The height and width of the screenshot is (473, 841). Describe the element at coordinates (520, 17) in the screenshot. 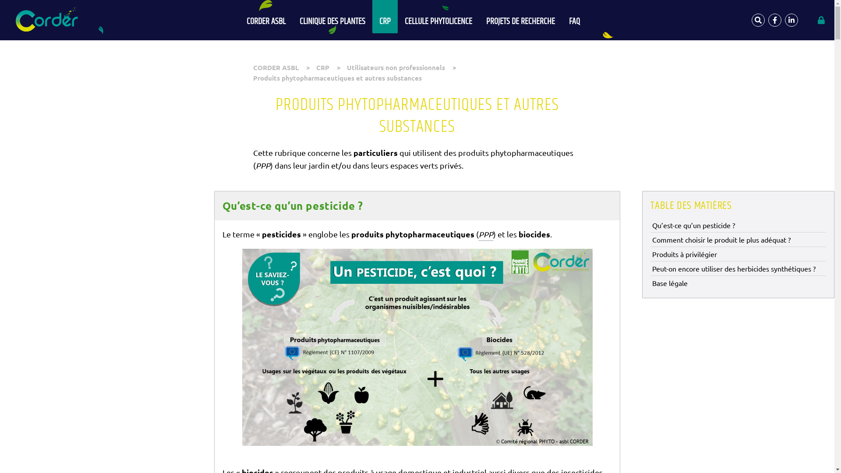

I see `'PROJETS DE RECHERCHE'` at that location.